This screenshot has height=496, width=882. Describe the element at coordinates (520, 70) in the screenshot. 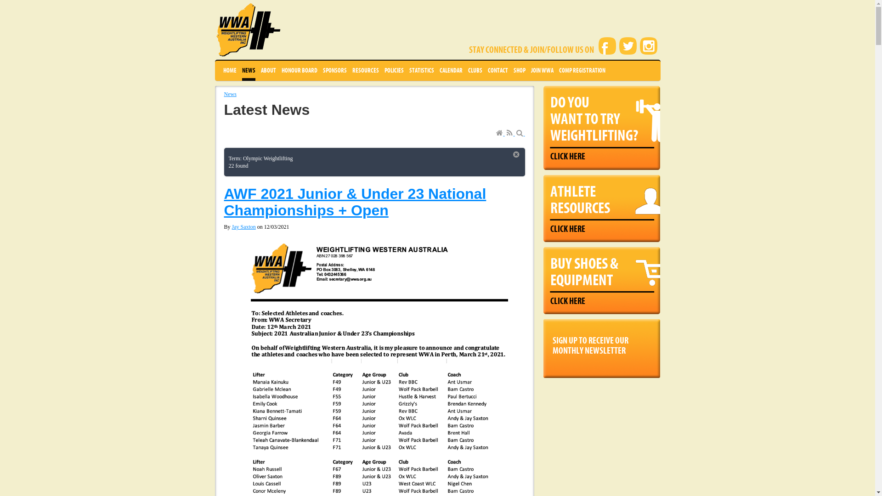

I see `'SHOP'` at that location.